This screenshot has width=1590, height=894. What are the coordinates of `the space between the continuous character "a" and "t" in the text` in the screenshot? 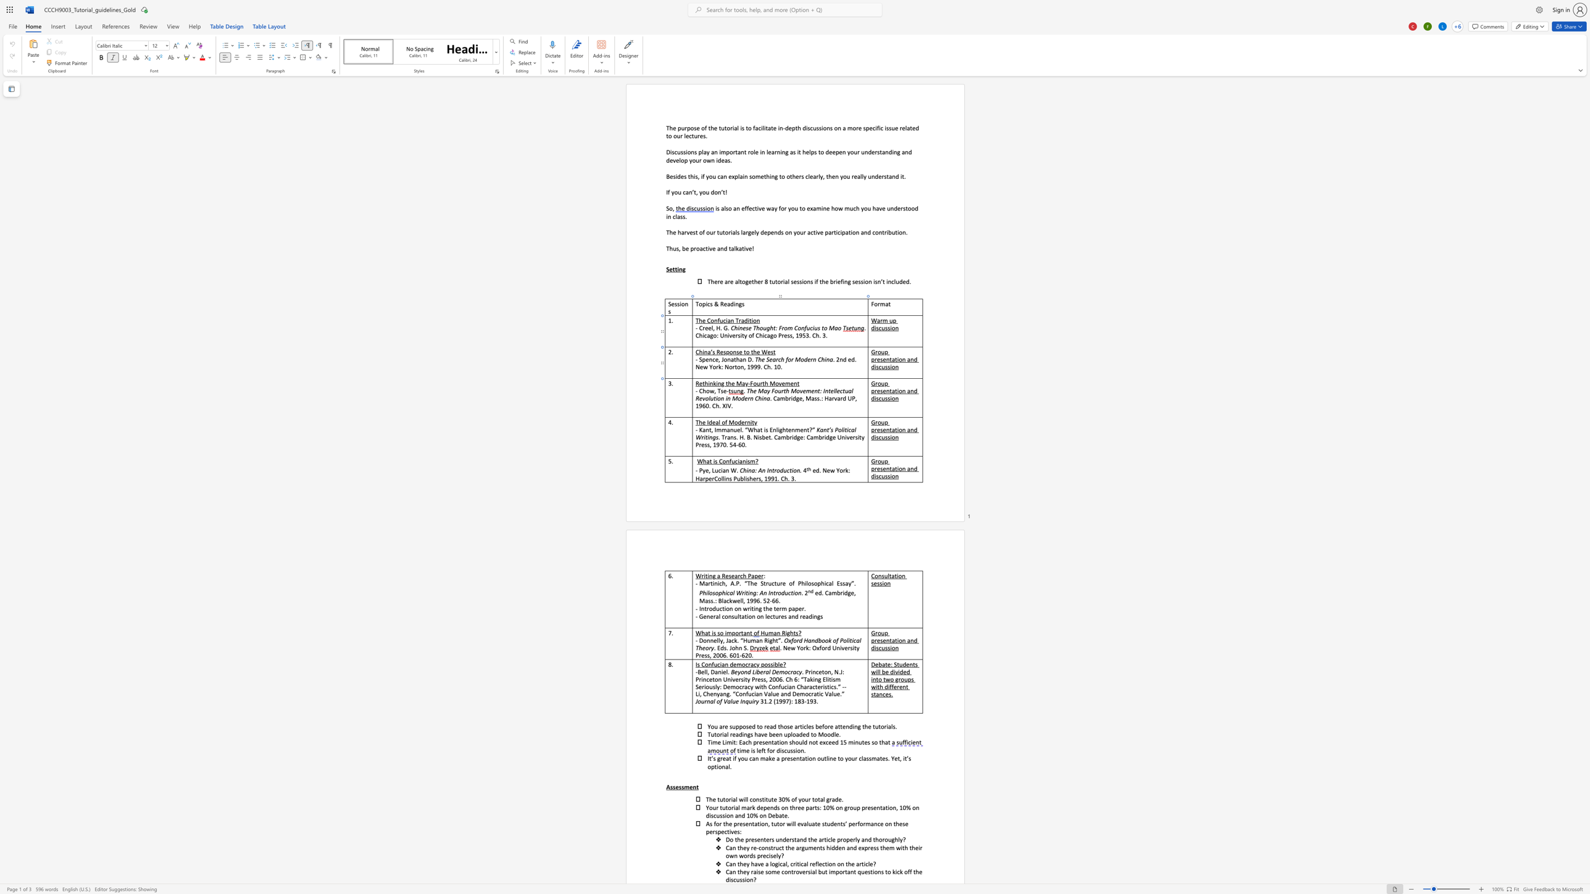 It's located at (894, 391).